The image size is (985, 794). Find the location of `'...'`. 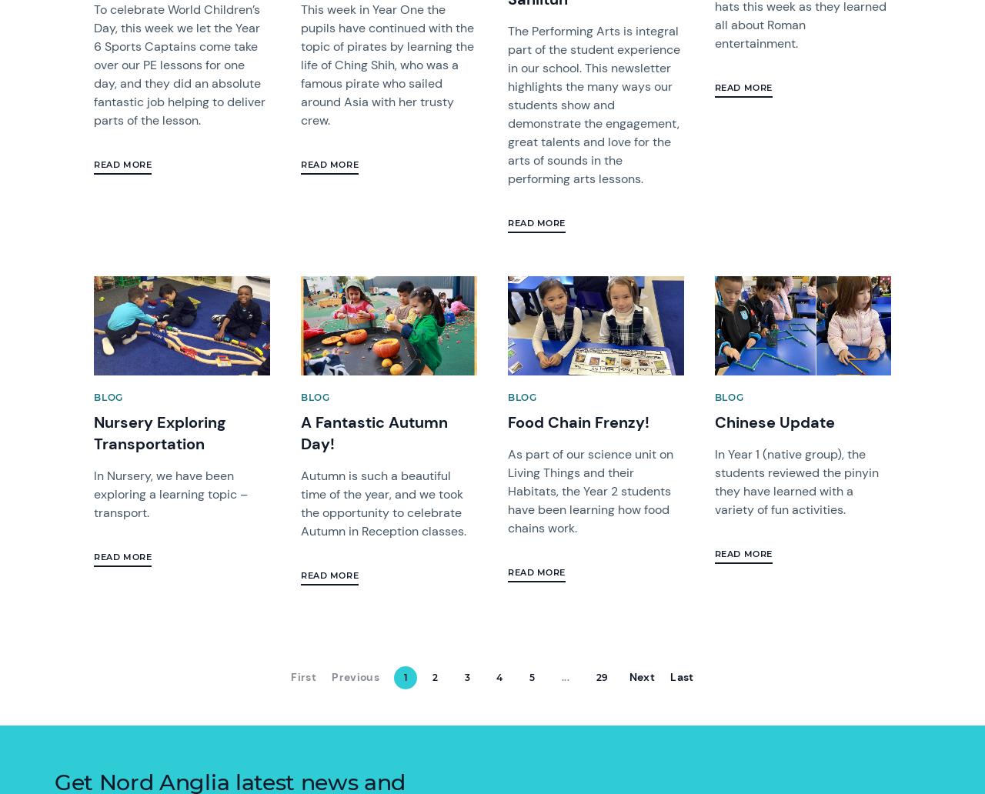

'...' is located at coordinates (560, 677).